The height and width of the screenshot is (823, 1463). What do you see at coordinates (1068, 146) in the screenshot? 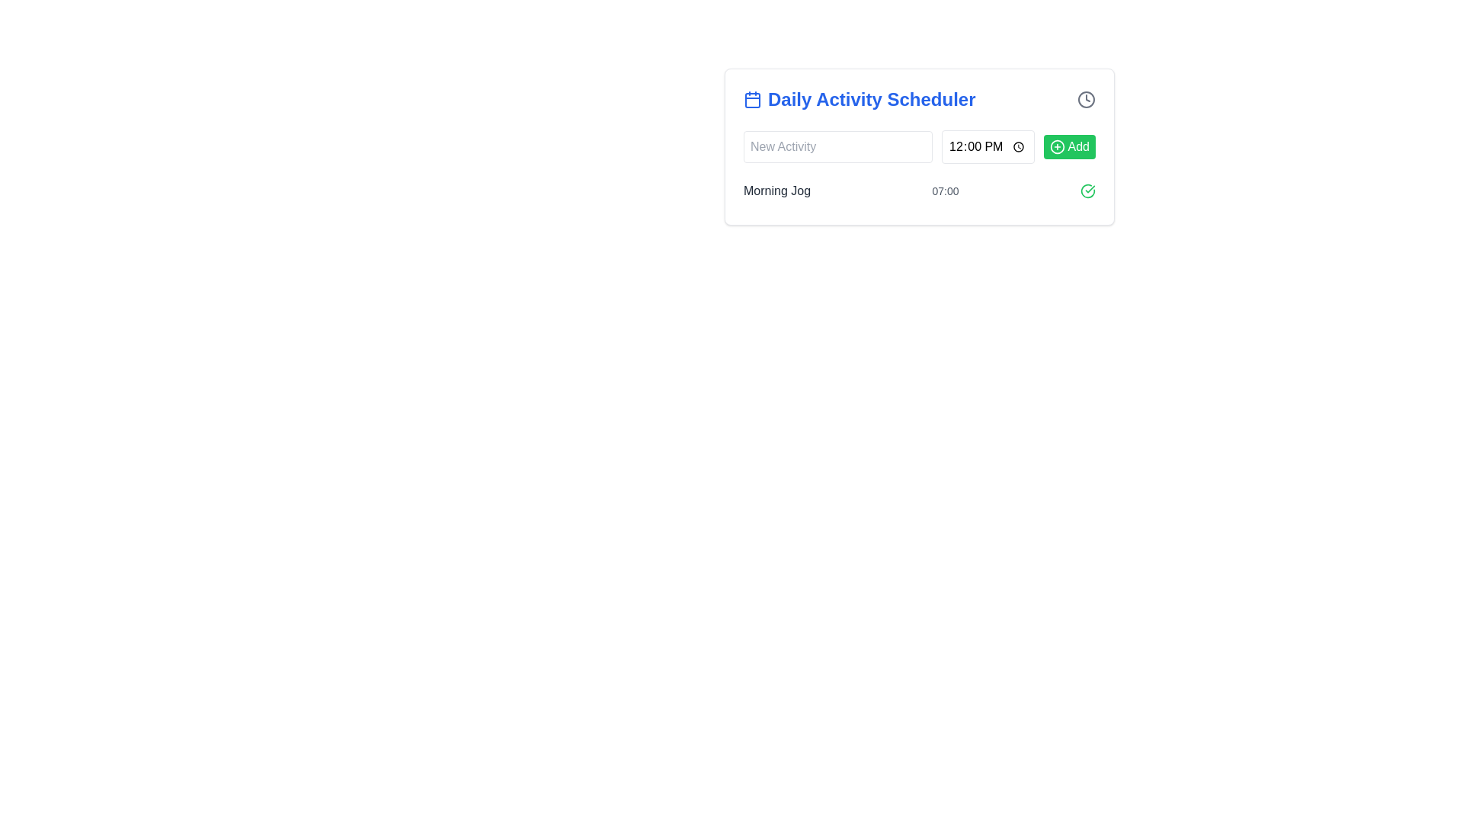
I see `the green rectangular button labeled 'Add' with a white '+' icon, located at the far-right end of the row adjacent to the 'New Activity' text input field` at bounding box center [1068, 146].